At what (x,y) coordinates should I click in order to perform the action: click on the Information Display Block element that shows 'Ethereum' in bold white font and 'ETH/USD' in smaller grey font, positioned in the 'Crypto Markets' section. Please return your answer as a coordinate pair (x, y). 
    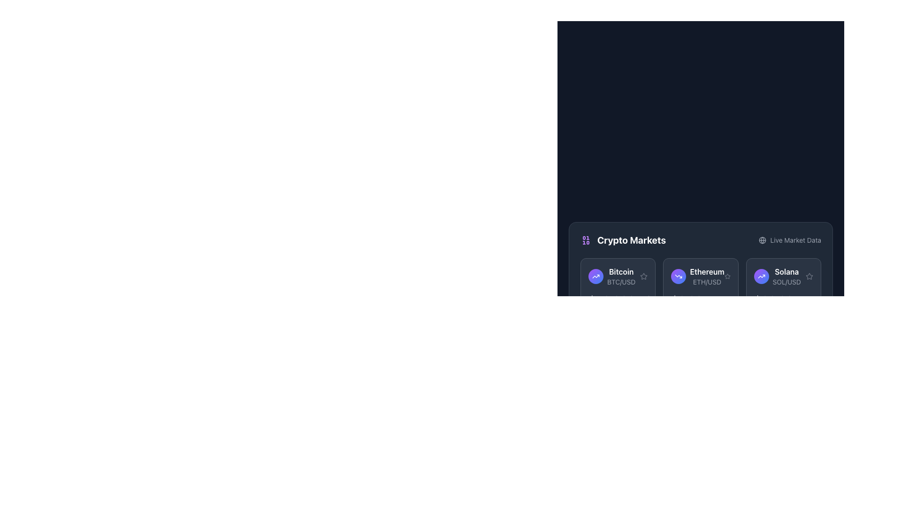
    Looking at the image, I should click on (707, 276).